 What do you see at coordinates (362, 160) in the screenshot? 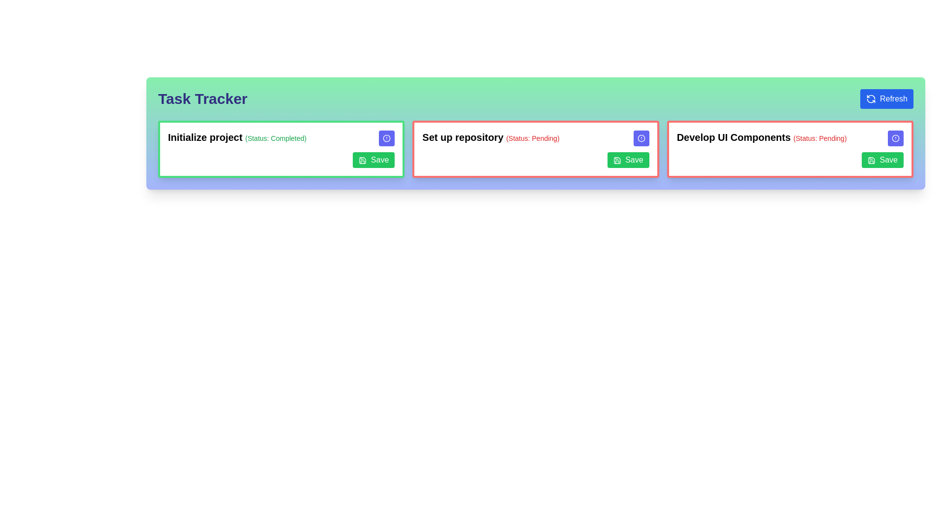
I see `the main background shape of the SVG save icon located within the 'Initialize project' task card, which is centered inside the green 'Save' button` at bounding box center [362, 160].